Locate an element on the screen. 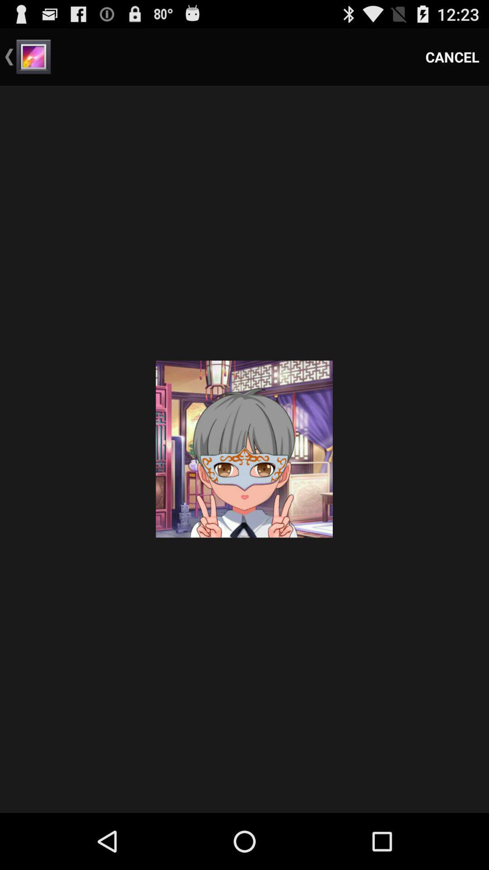 This screenshot has width=489, height=870. cancel is located at coordinates (452, 56).